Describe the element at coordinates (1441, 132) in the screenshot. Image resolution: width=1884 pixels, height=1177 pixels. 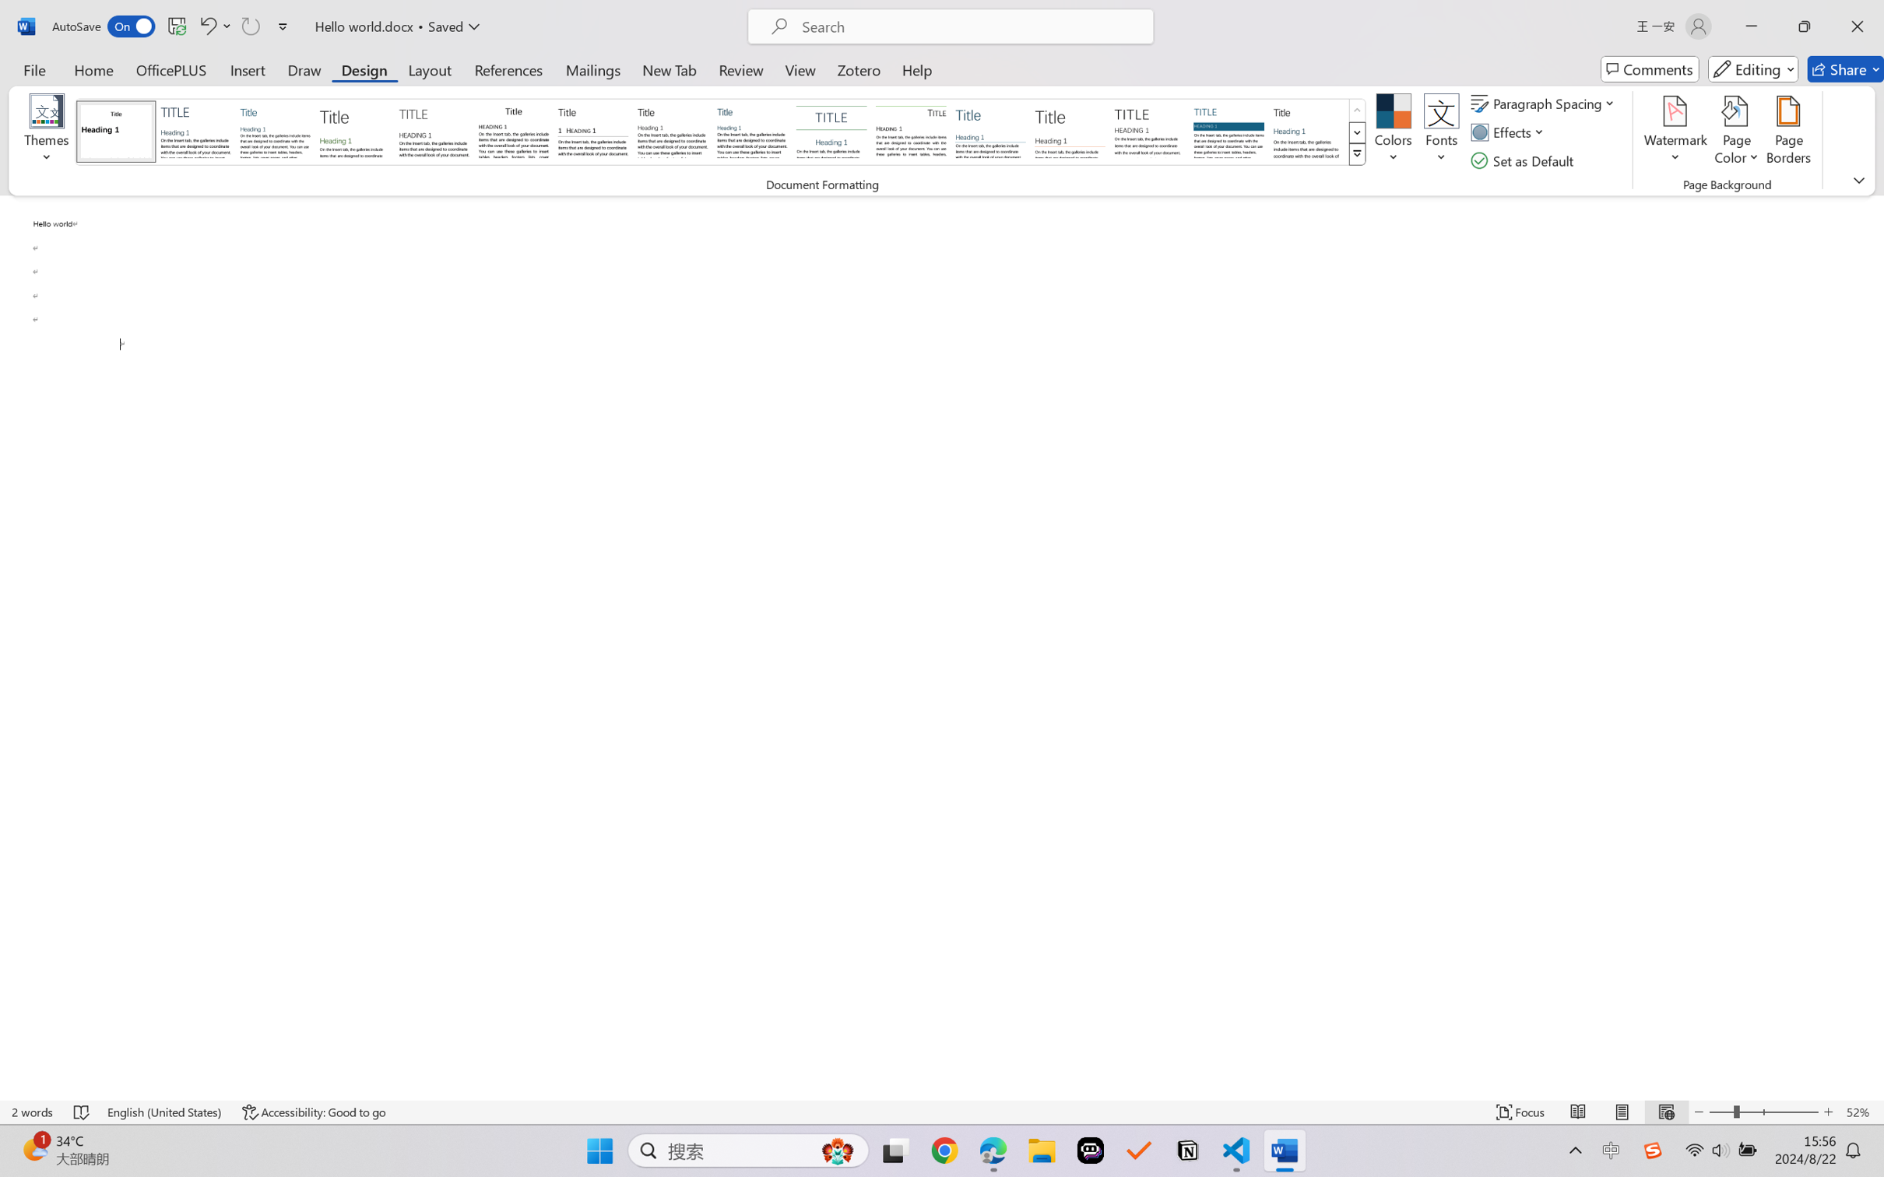
I see `'Fonts'` at that location.